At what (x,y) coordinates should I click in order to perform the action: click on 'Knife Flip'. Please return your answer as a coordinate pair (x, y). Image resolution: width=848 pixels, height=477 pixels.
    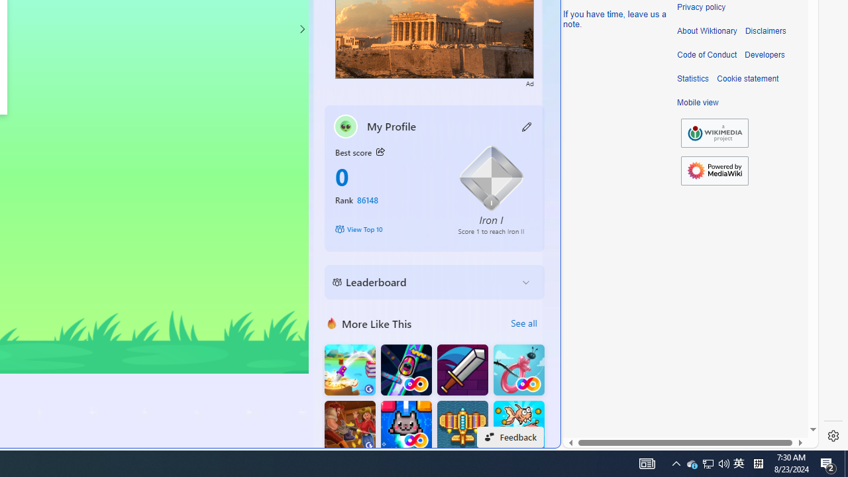
    Looking at the image, I should click on (350, 370).